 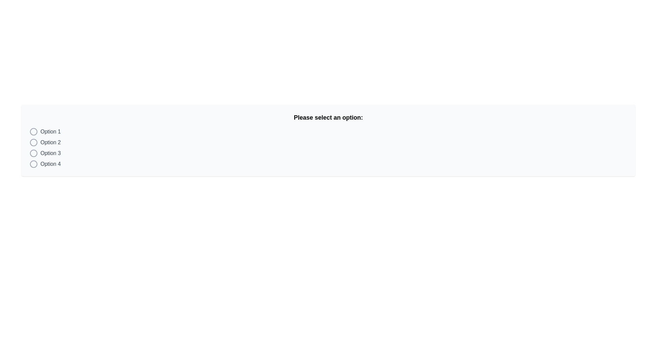 I want to click on the text label 'Option 2', which clarifies the choice of the corresponding radio button to its left in the vertical list of options, so click(x=50, y=142).